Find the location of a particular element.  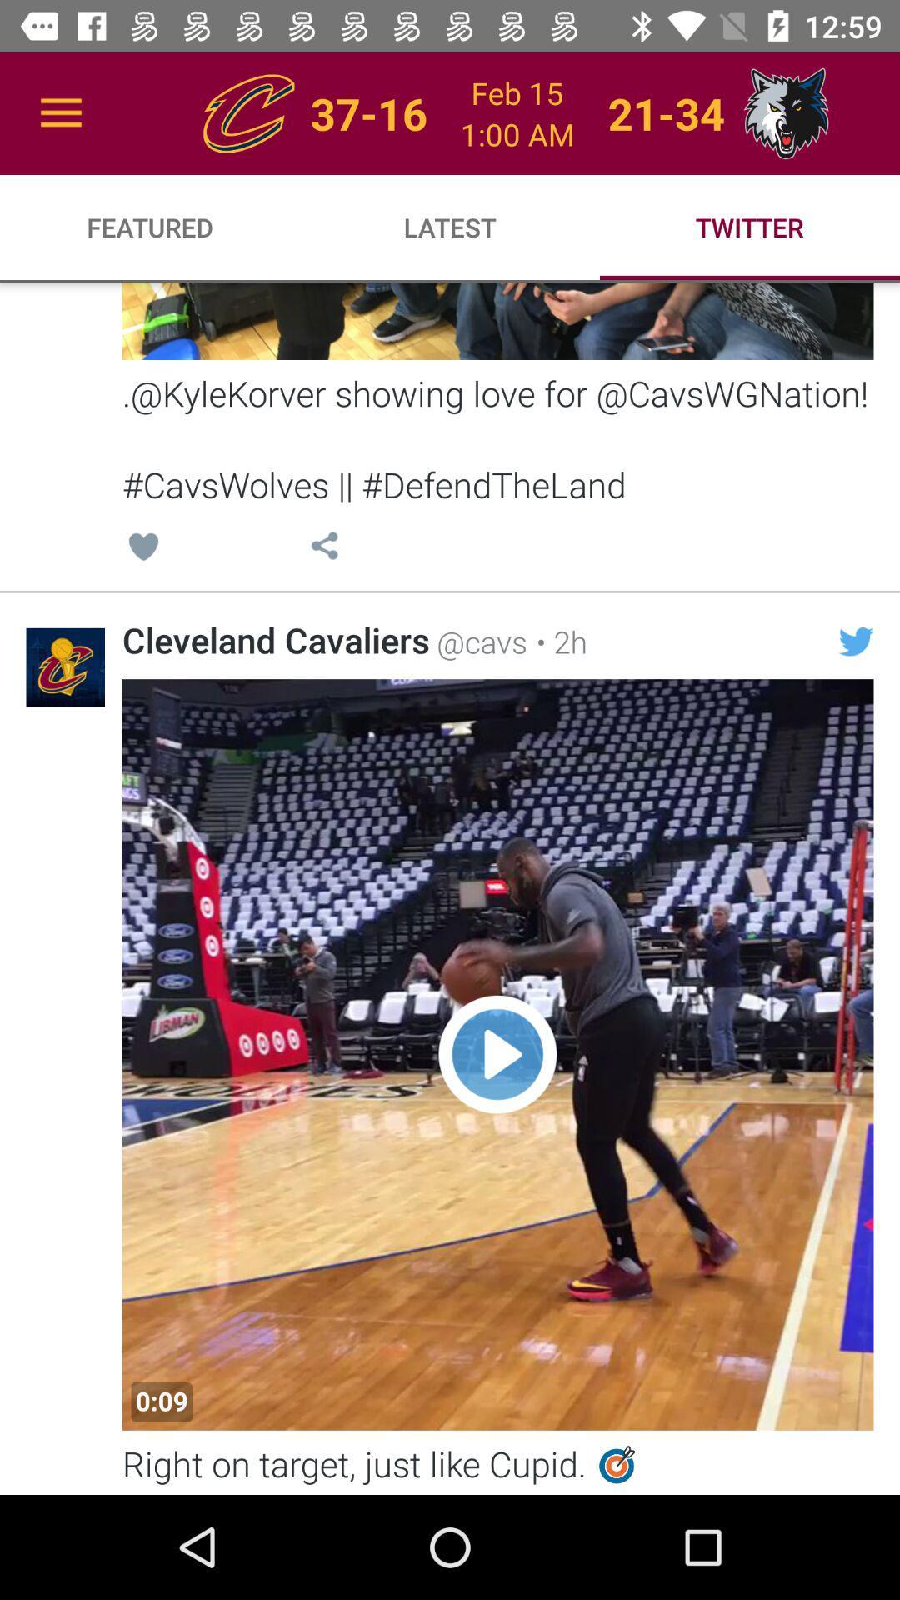

the cleveland cavaliers icon is located at coordinates (275, 639).